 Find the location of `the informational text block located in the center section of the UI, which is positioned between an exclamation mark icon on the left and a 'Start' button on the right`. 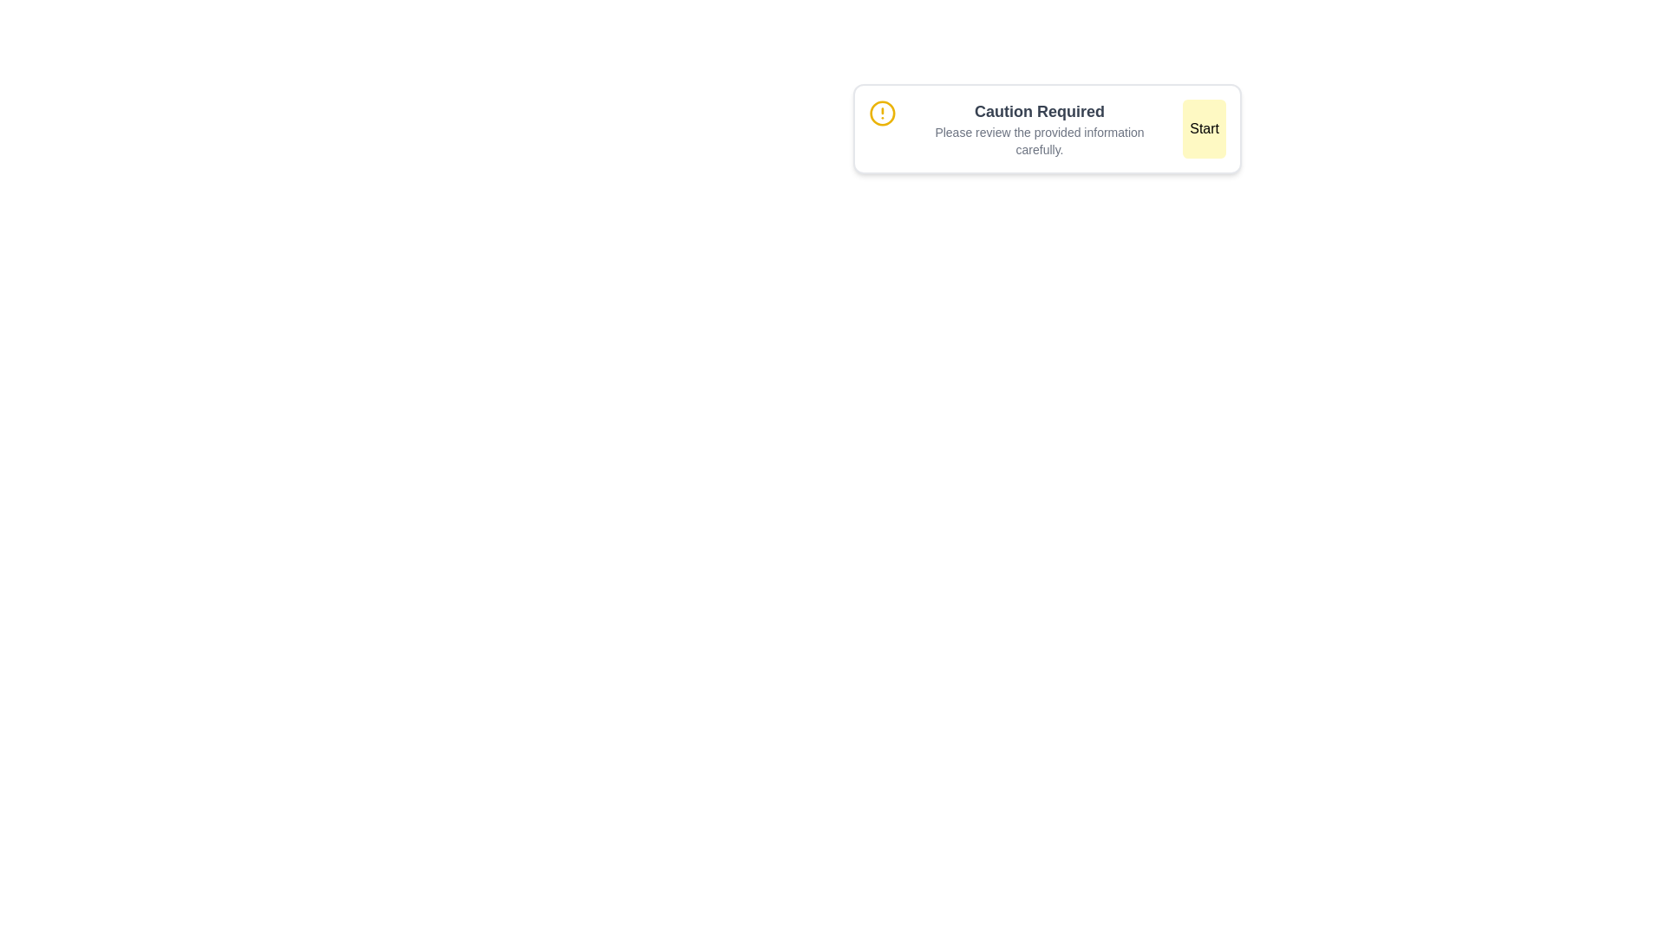

the informational text block located in the center section of the UI, which is positioned between an exclamation mark icon on the left and a 'Start' button on the right is located at coordinates (1040, 128).